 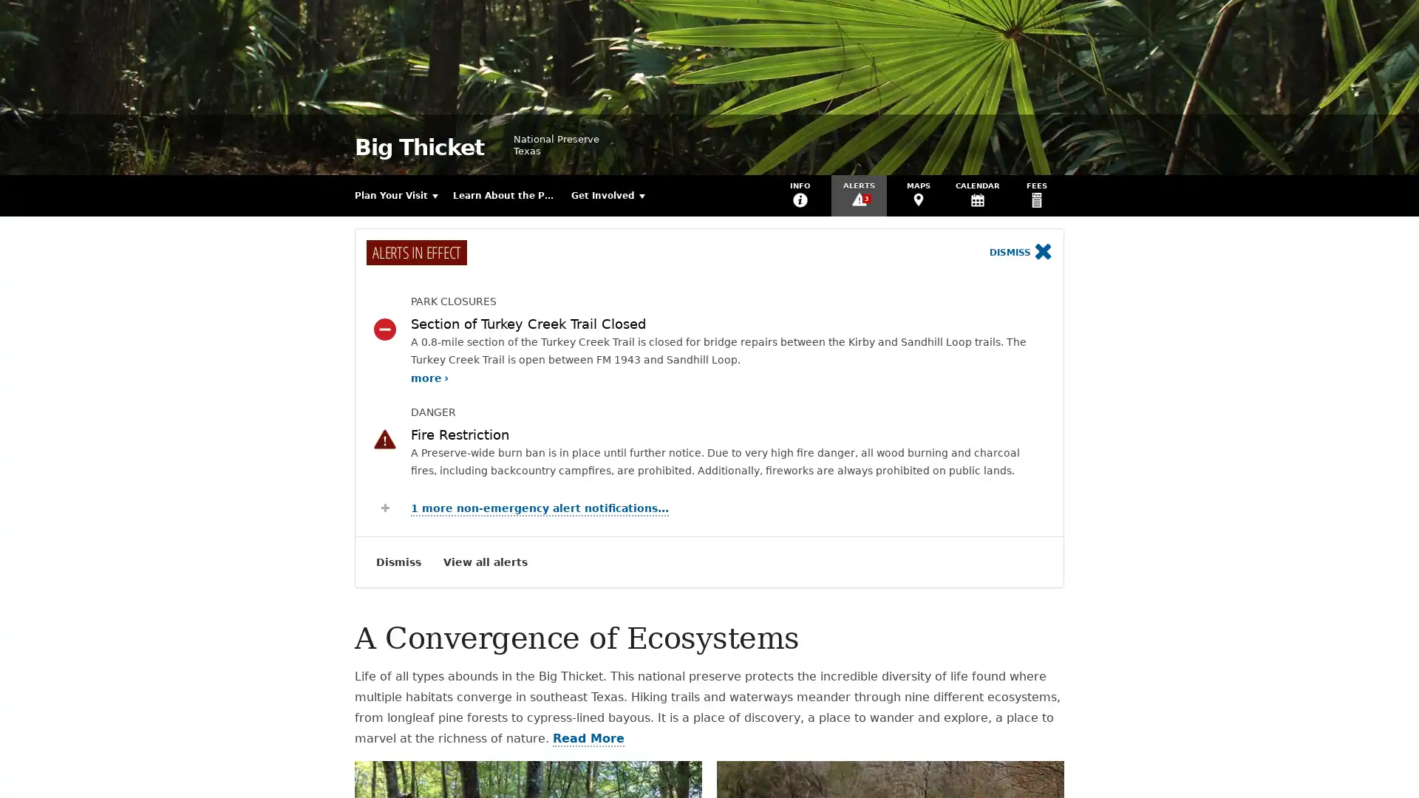 What do you see at coordinates (1020, 252) in the screenshot?
I see `Dismiss` at bounding box center [1020, 252].